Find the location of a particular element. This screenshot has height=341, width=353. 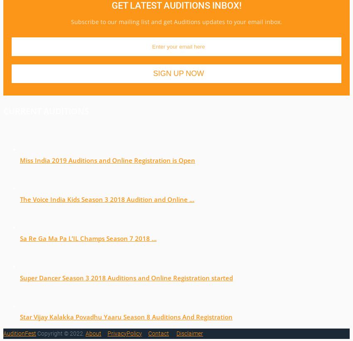

'Star Vijay Kalakka Povadhu Yaaru Season 8 Auditions And Registration' is located at coordinates (126, 316).